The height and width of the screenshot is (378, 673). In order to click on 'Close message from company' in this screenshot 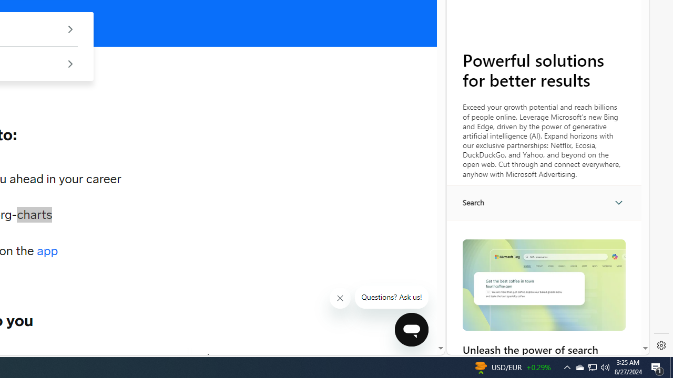, I will do `click(340, 298)`.